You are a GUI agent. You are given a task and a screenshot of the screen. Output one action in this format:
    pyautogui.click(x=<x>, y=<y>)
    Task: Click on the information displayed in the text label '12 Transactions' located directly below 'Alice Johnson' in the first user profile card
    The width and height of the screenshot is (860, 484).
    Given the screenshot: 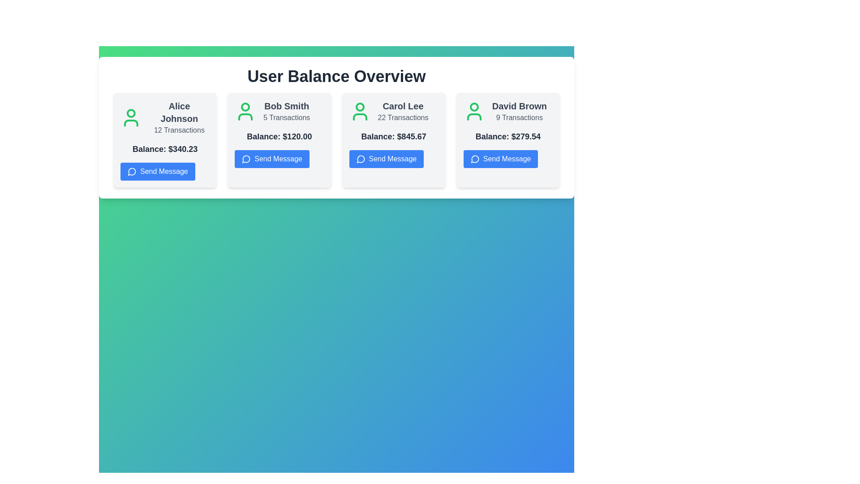 What is the action you would take?
    pyautogui.click(x=179, y=130)
    